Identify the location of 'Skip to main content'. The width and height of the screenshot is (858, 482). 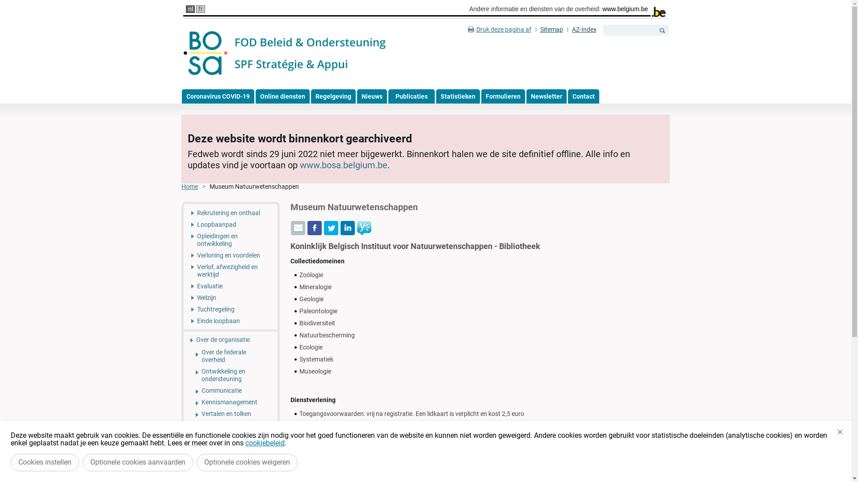
(28, 0).